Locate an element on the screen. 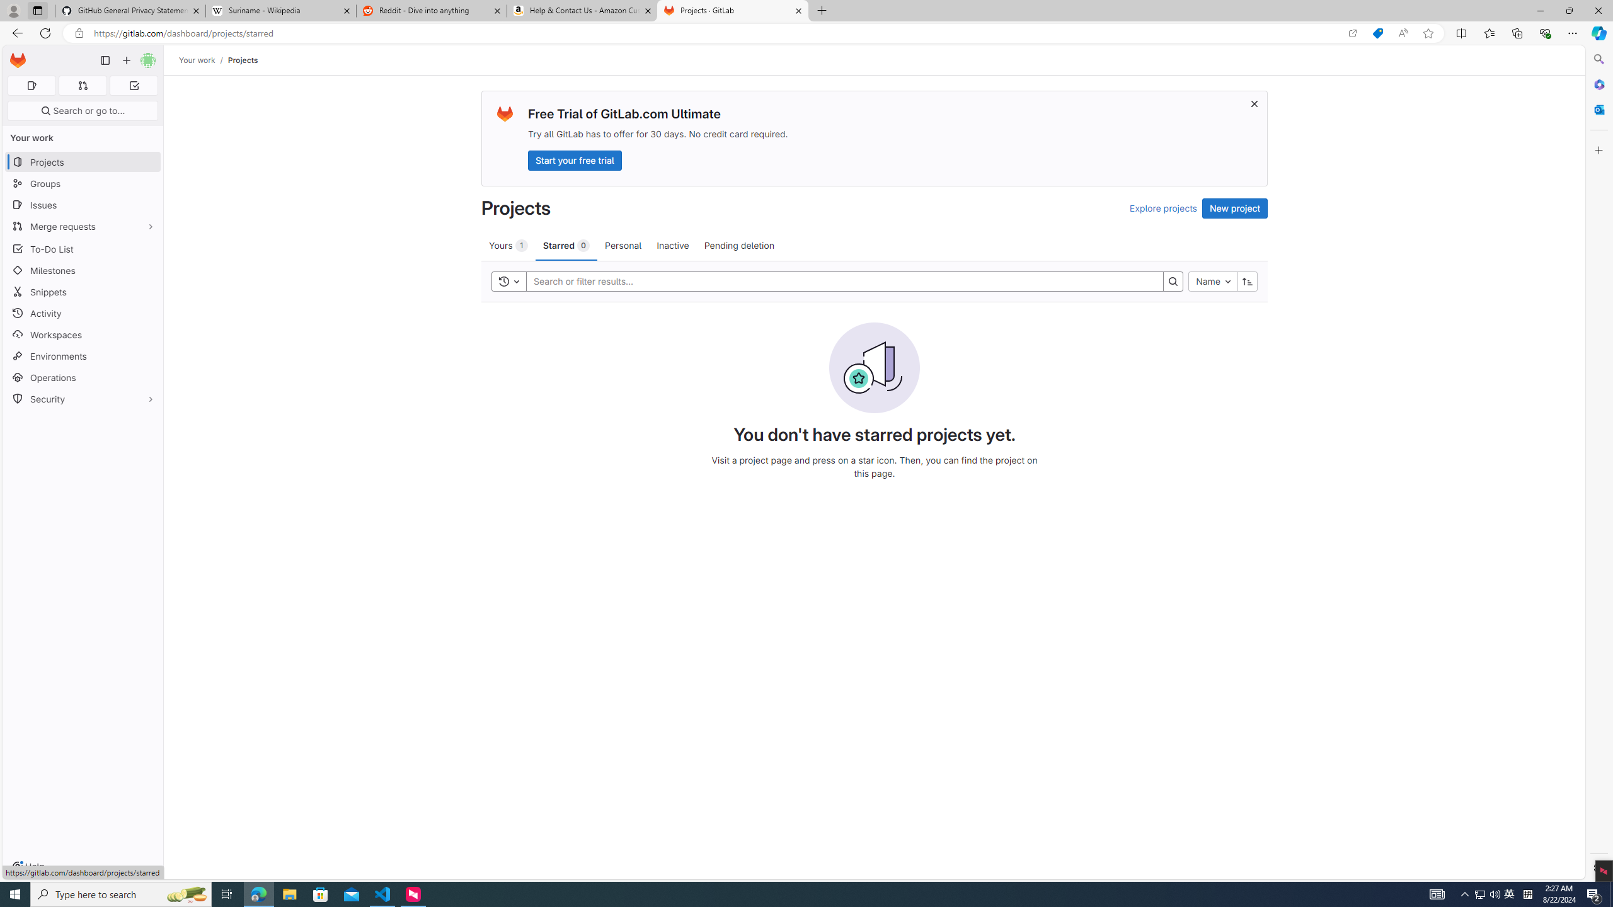 This screenshot has width=1613, height=907. 'To-Do List' is located at coordinates (82, 248).